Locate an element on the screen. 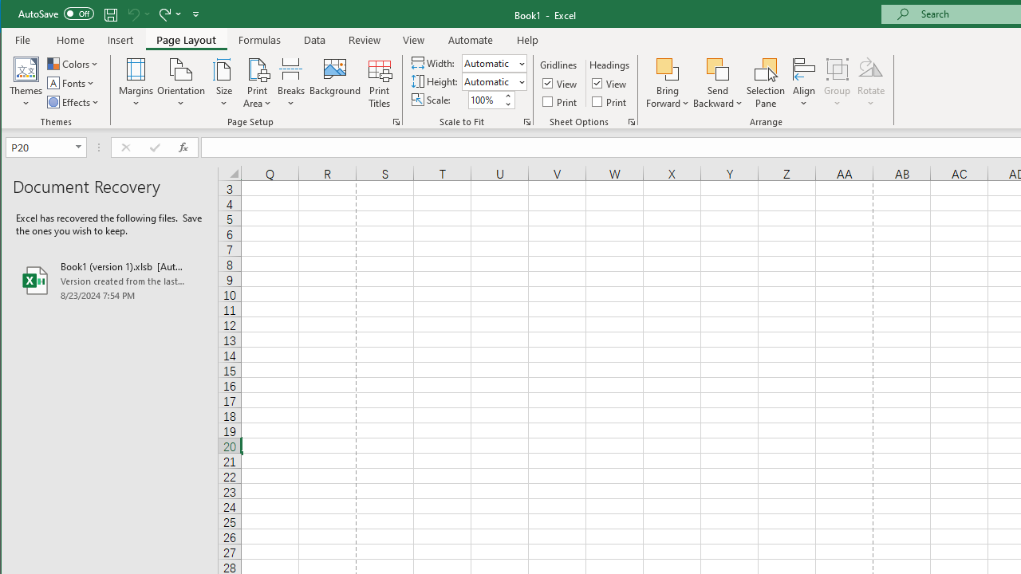  'Background...' is located at coordinates (334, 83).